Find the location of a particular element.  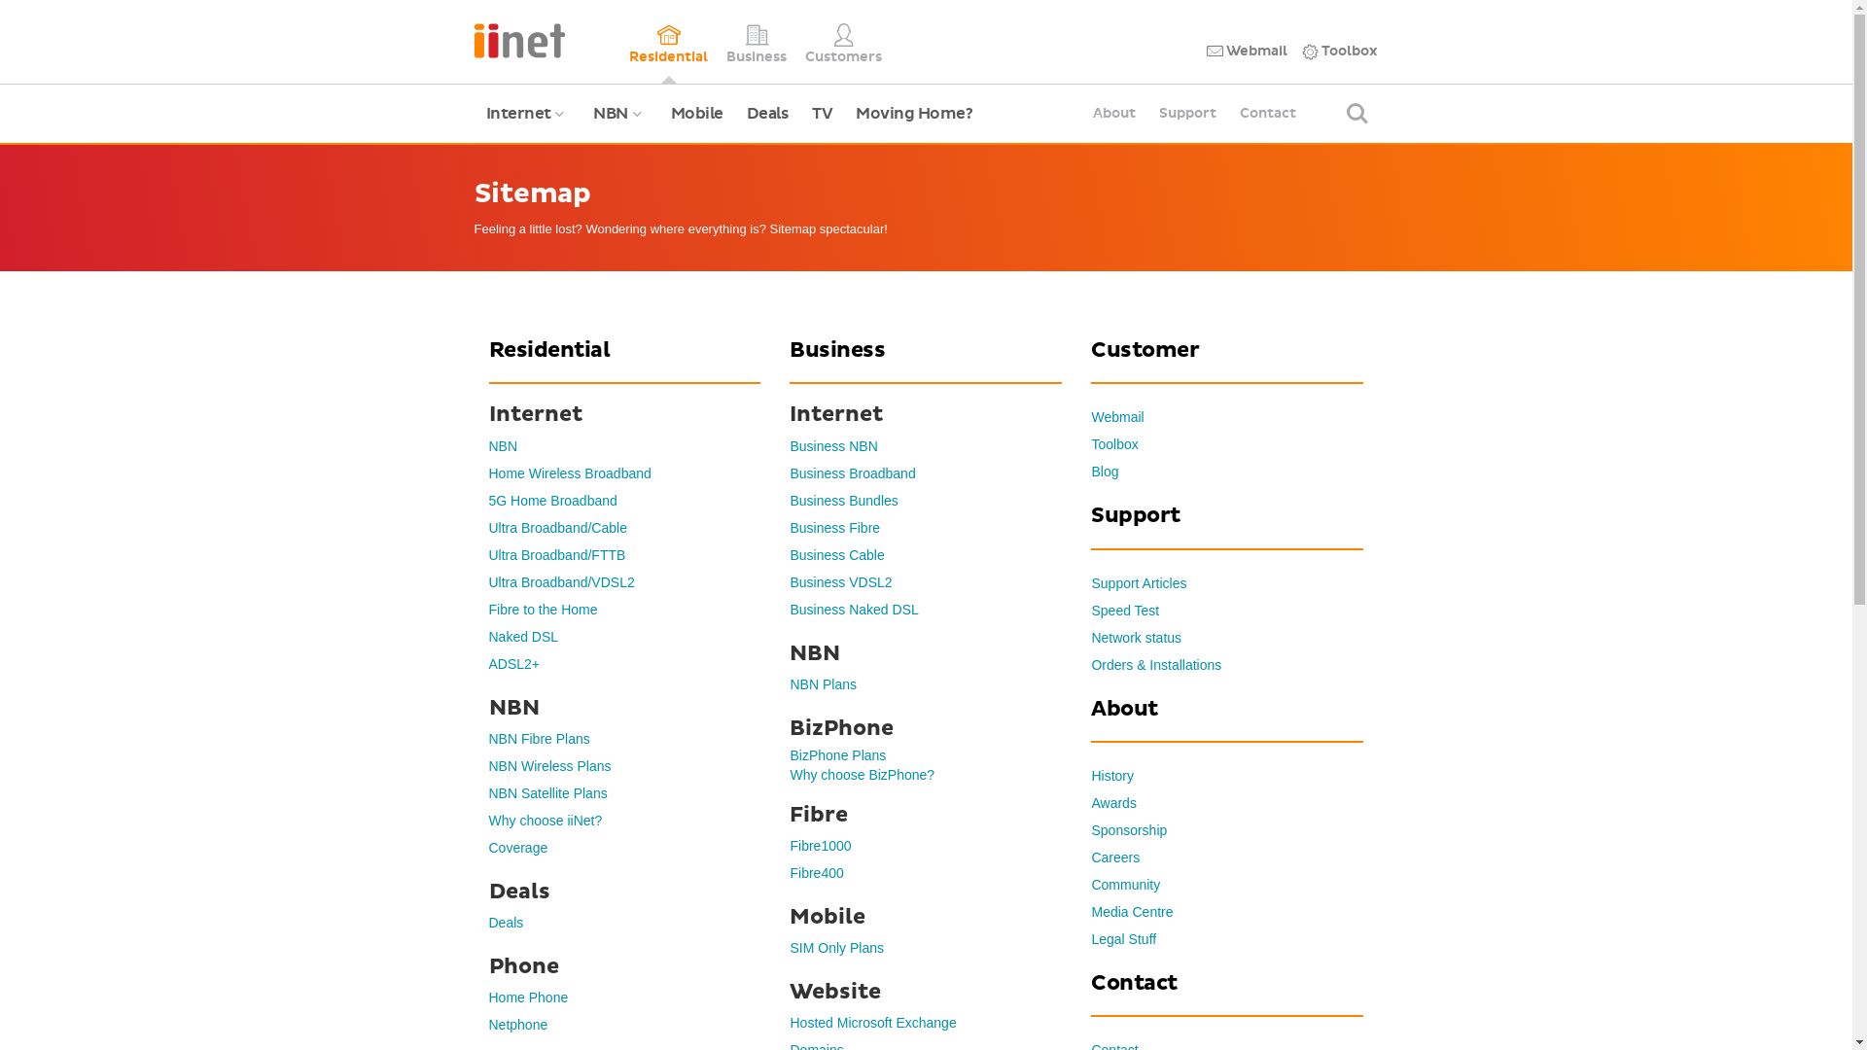

'Why choose BizPhone?' is located at coordinates (789, 774).